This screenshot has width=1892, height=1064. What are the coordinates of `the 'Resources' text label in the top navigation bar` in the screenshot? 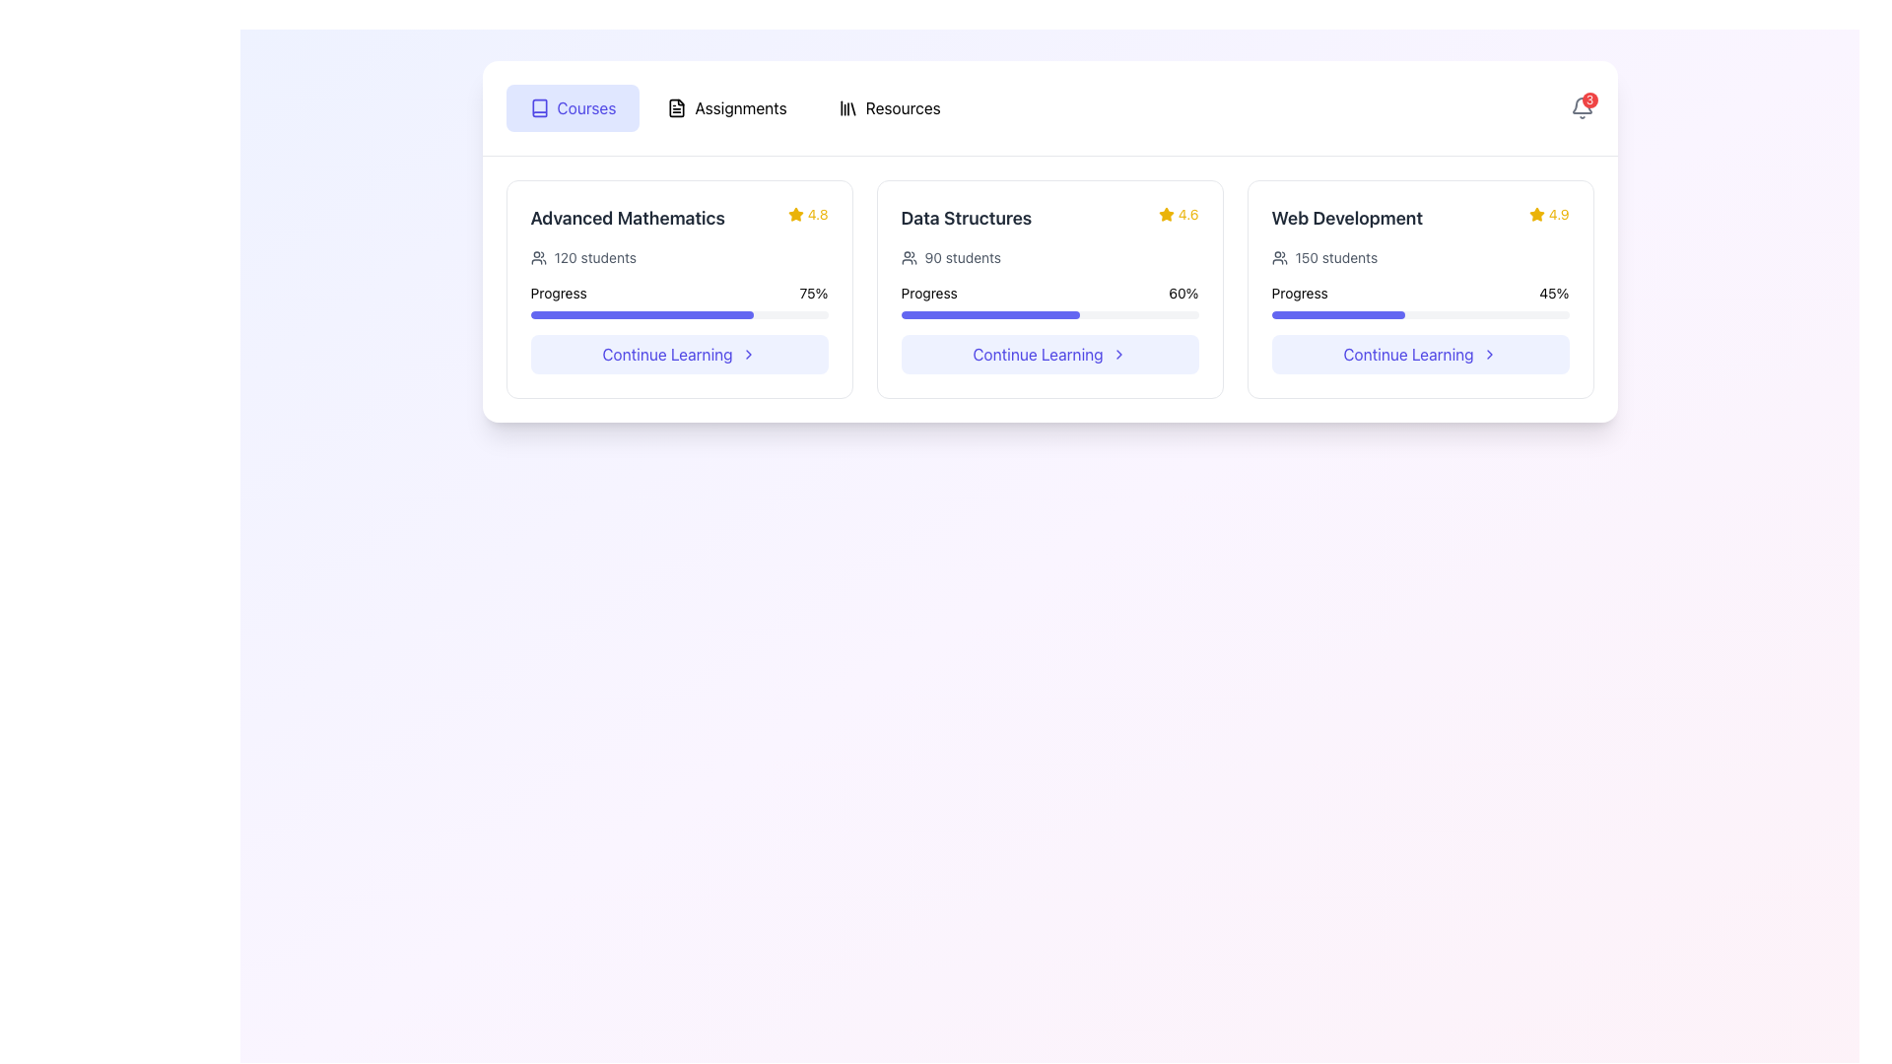 It's located at (902, 108).